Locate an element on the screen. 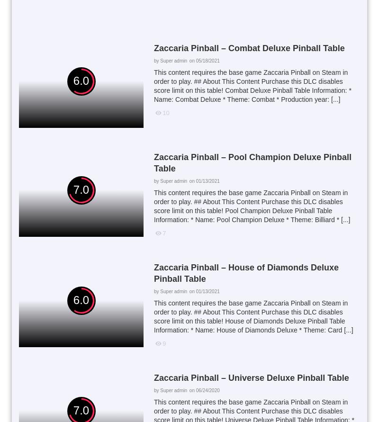  'This content requires the base game Zaccaria Pinball on Steam in order to play. ## About This Content Purchase this DLC disables score limit on this table! House of Diamonds Deluxe Pinball Table Information: * Name: House of Diamonds Deluxe * Theme: Card [...]' is located at coordinates (253, 315).